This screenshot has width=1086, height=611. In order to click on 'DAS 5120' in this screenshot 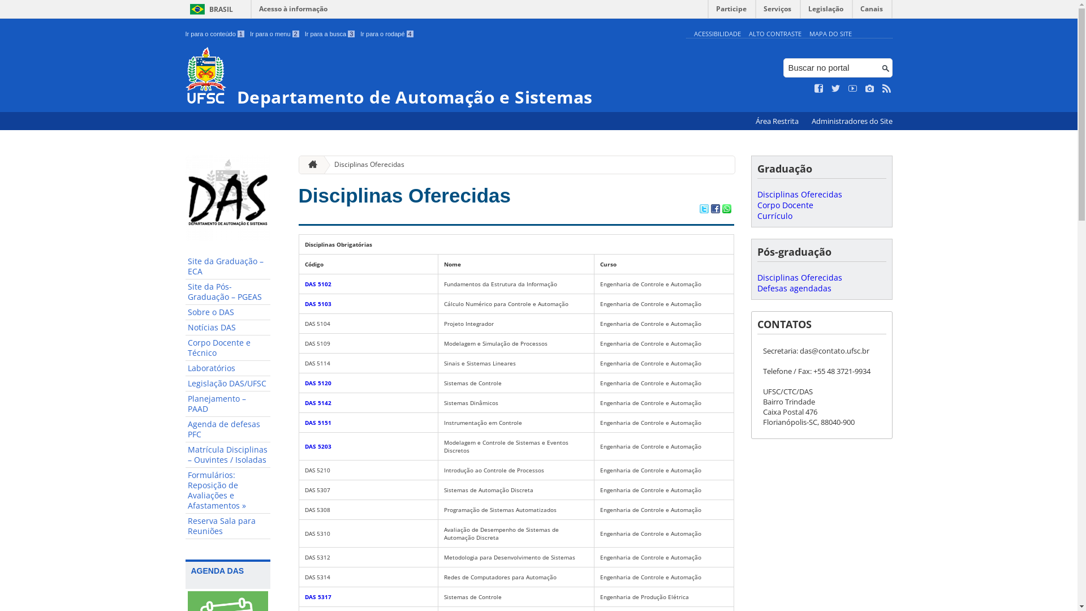, I will do `click(317, 382)`.